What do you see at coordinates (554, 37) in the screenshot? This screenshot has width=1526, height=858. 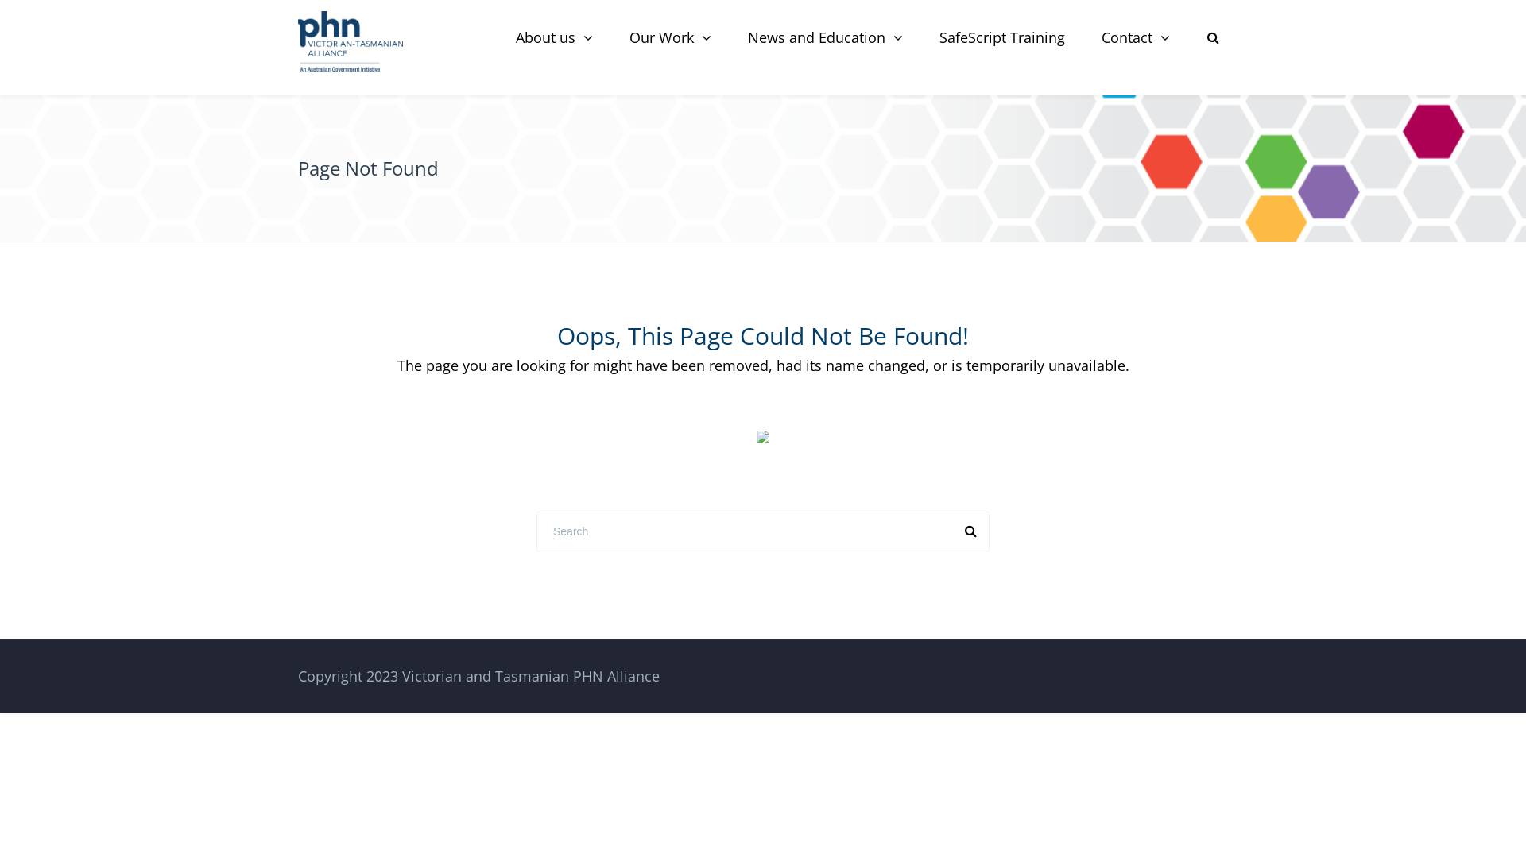 I see `'About us'` at bounding box center [554, 37].